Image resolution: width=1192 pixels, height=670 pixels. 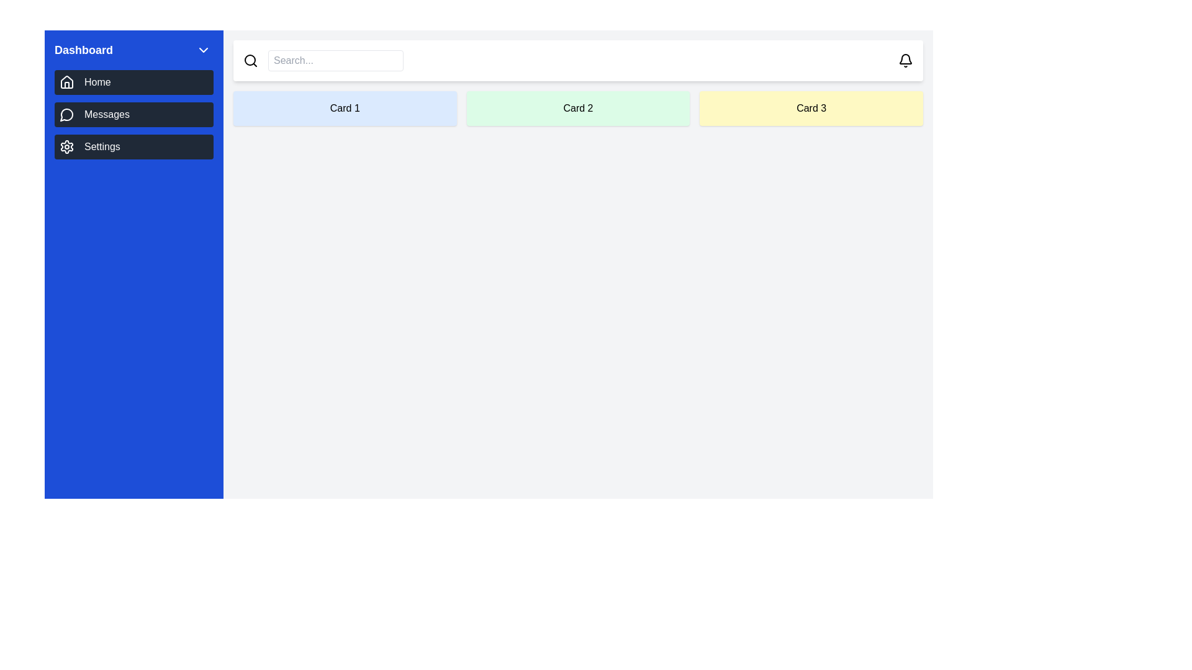 I want to click on the chevron icon located in the top-right corner of the blue sidebar, adjacent to the 'Dashboard' text label, so click(x=203, y=50).